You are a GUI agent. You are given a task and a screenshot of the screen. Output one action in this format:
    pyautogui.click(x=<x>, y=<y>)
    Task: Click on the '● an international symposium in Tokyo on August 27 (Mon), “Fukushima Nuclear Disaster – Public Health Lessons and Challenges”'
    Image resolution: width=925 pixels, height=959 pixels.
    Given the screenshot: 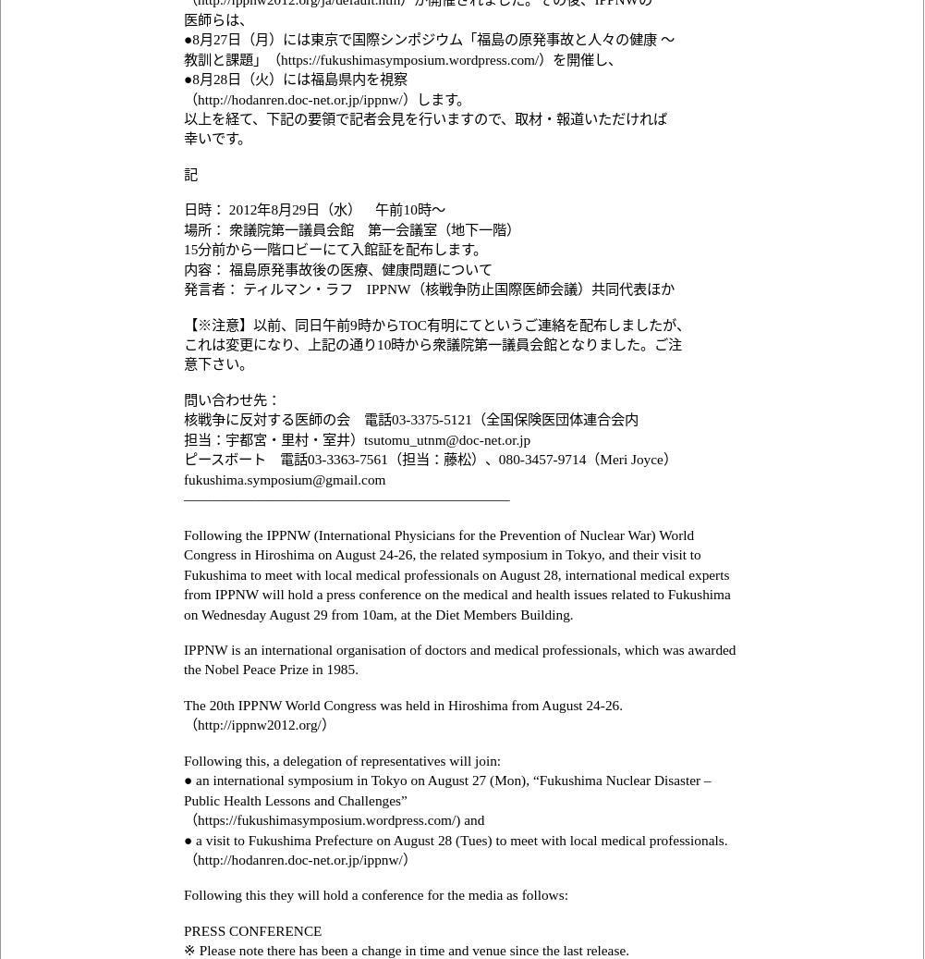 What is the action you would take?
    pyautogui.click(x=446, y=789)
    